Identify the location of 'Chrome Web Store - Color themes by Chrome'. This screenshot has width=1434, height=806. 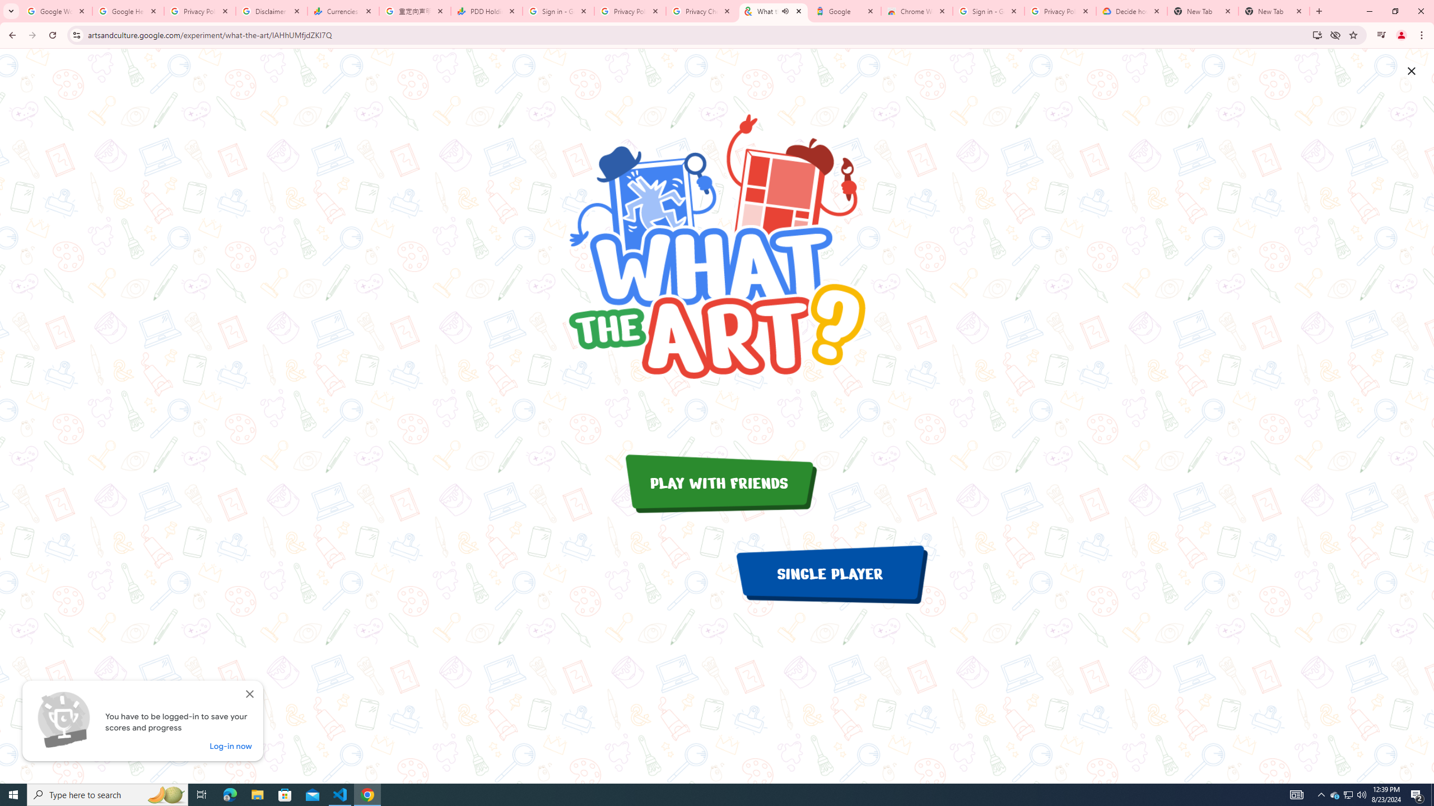
(916, 11).